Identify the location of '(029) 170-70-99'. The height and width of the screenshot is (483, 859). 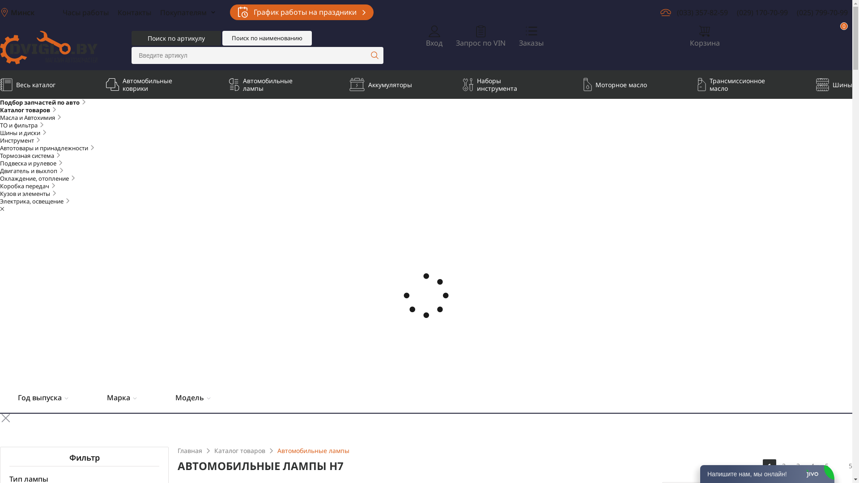
(762, 12).